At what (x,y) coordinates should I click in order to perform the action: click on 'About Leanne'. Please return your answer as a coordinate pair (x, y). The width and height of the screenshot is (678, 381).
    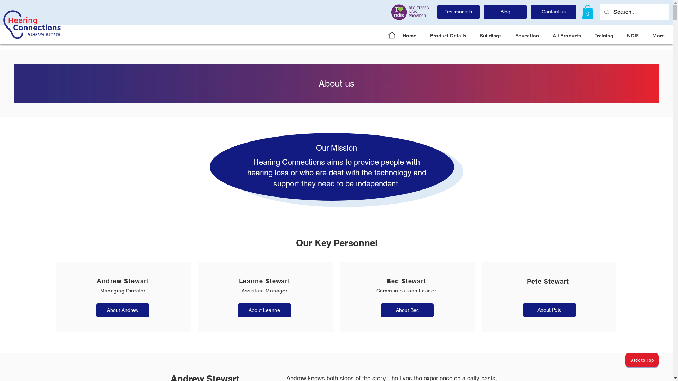
    Looking at the image, I should click on (264, 310).